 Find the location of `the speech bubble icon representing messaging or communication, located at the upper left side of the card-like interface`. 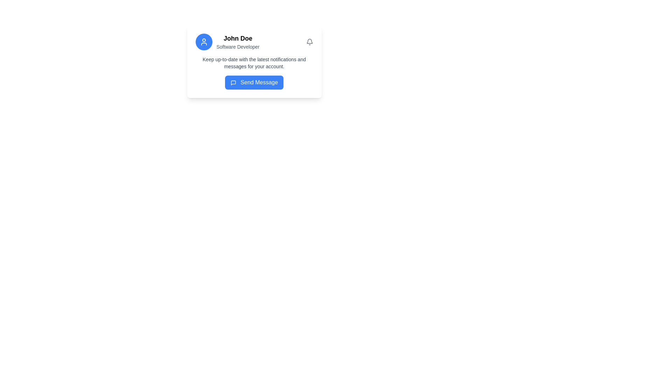

the speech bubble icon representing messaging or communication, located at the upper left side of the card-like interface is located at coordinates (233, 82).